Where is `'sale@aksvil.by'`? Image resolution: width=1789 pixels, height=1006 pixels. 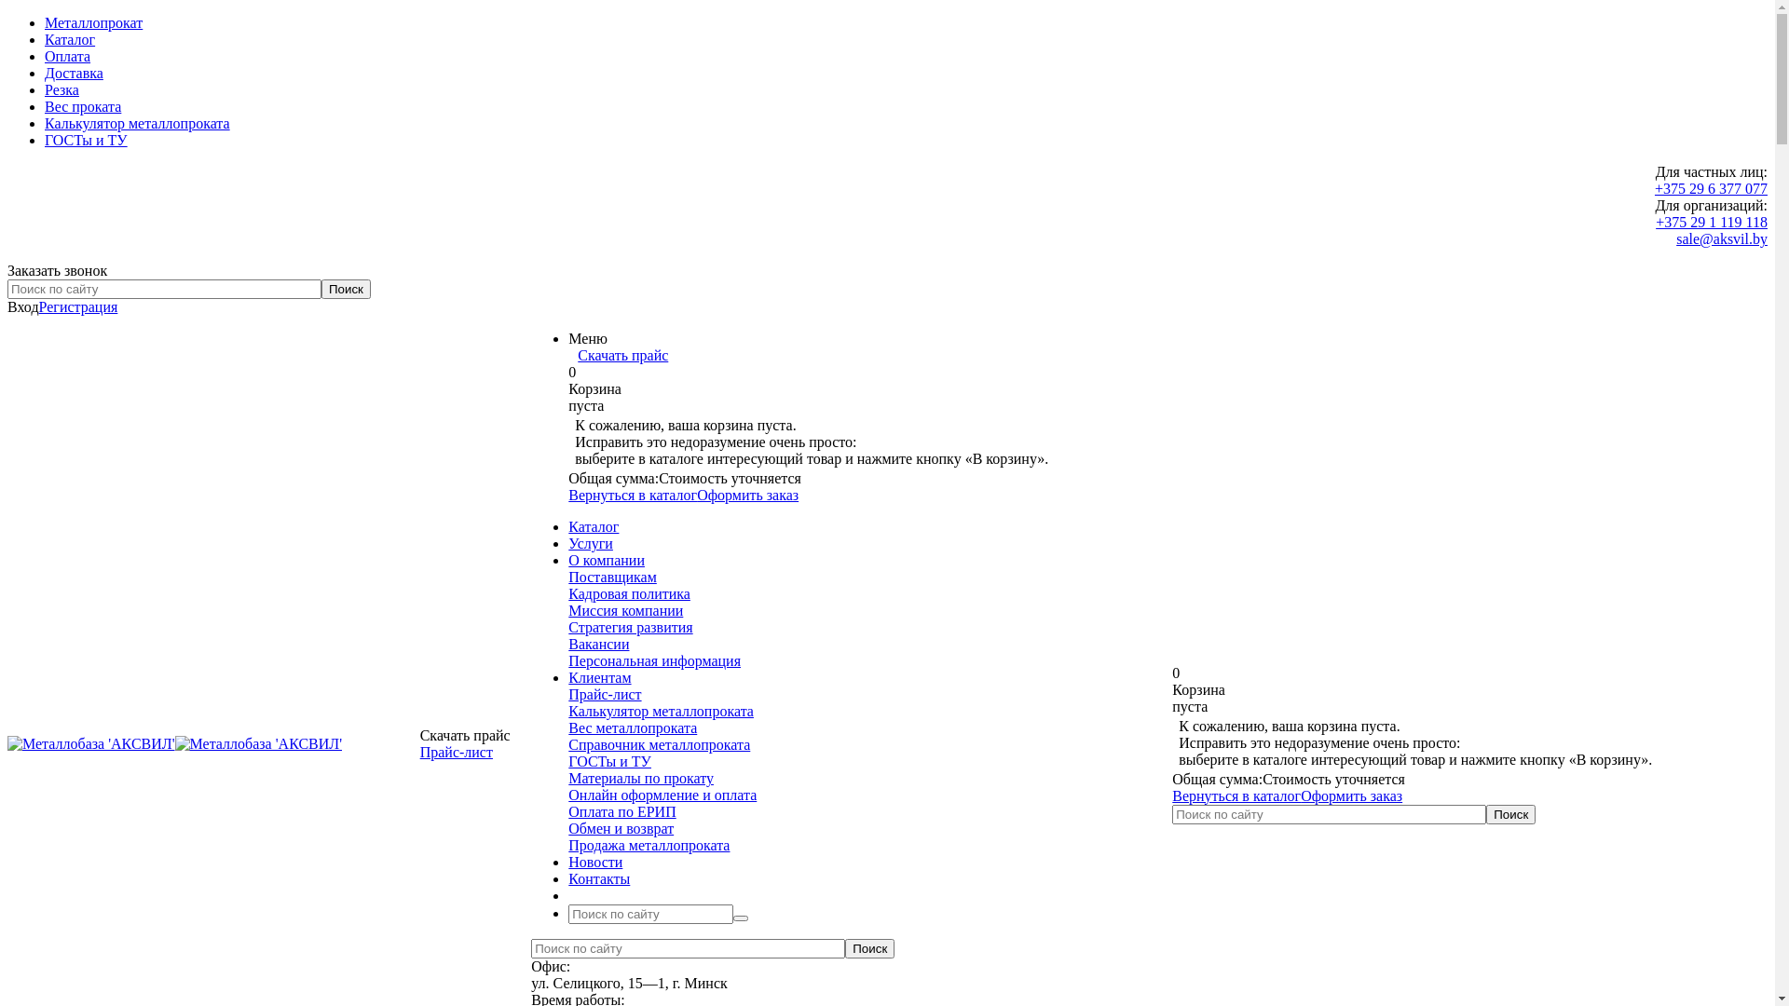
'sale@aksvil.by' is located at coordinates (1721, 238).